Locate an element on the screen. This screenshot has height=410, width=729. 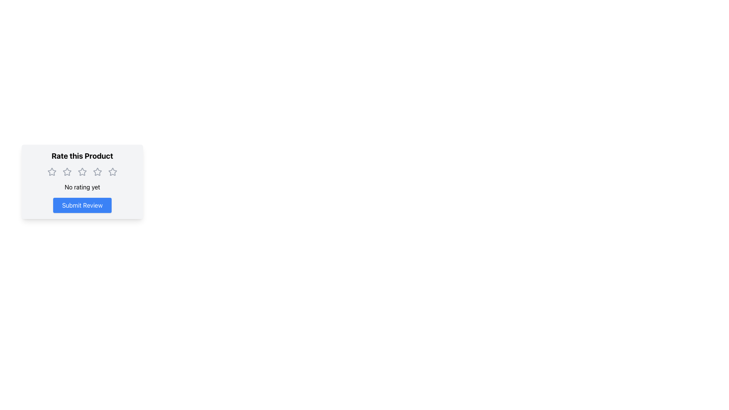
the first star icon in the 'Rate this Product' section is located at coordinates (52, 172).